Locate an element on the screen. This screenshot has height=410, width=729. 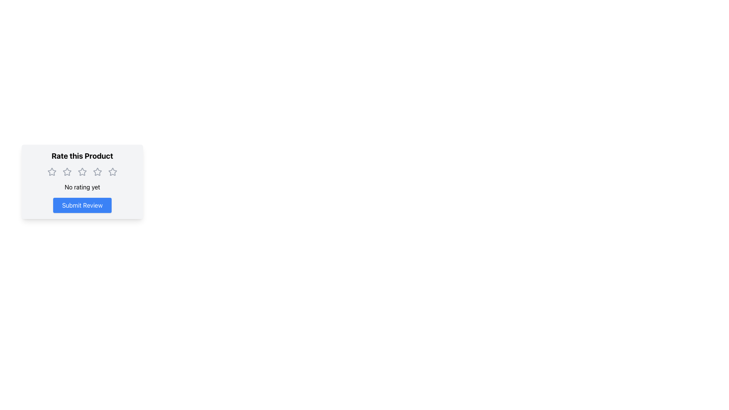
the first star icon in the 'Rate this Product' section is located at coordinates (52, 172).